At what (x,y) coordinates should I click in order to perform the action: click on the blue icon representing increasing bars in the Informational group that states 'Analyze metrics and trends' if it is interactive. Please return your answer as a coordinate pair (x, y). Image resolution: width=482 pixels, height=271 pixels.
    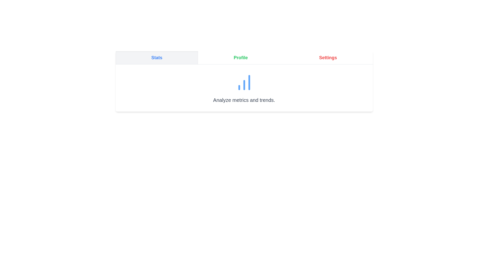
    Looking at the image, I should click on (244, 88).